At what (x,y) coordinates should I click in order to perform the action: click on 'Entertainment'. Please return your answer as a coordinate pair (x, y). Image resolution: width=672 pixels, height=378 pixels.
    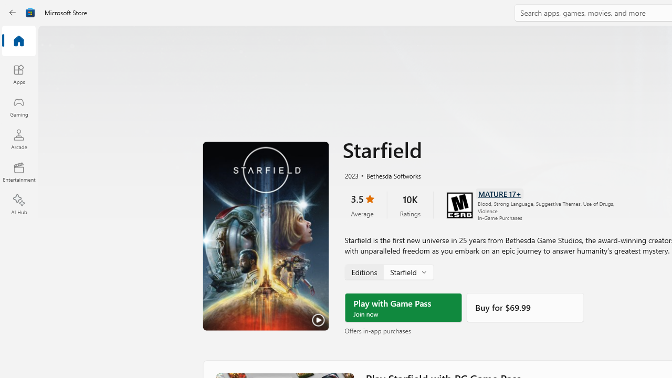
    Looking at the image, I should click on (18, 171).